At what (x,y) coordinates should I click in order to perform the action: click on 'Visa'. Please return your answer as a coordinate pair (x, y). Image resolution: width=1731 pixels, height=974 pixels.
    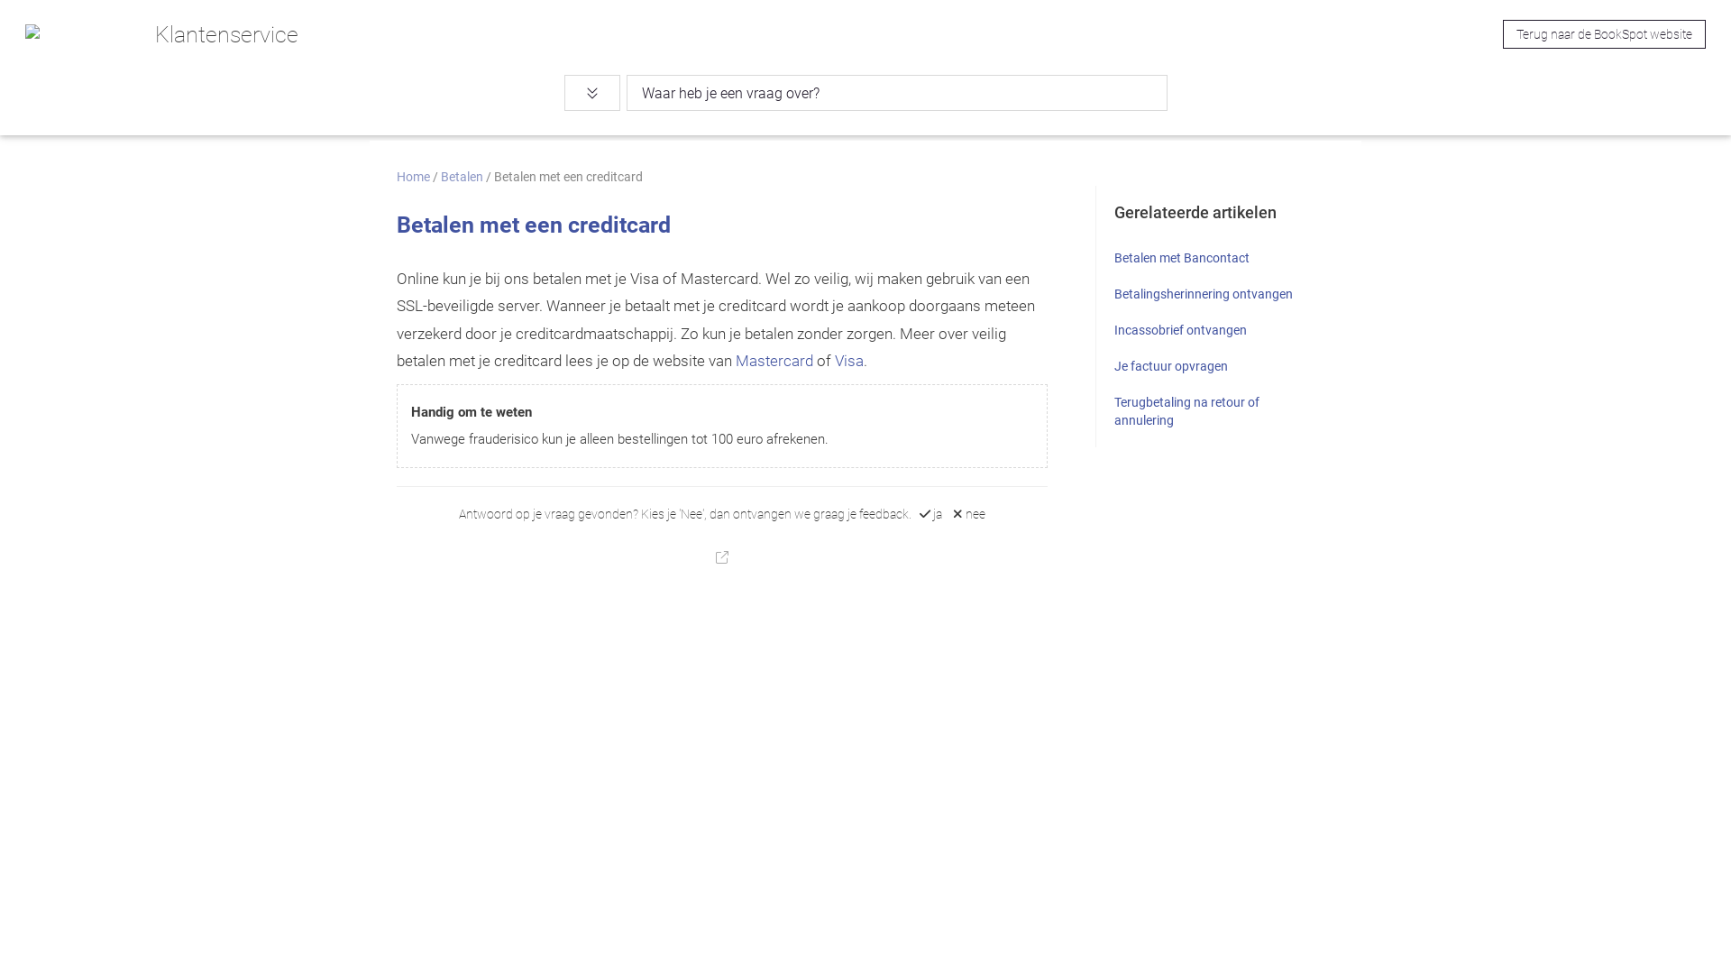
    Looking at the image, I should click on (834, 361).